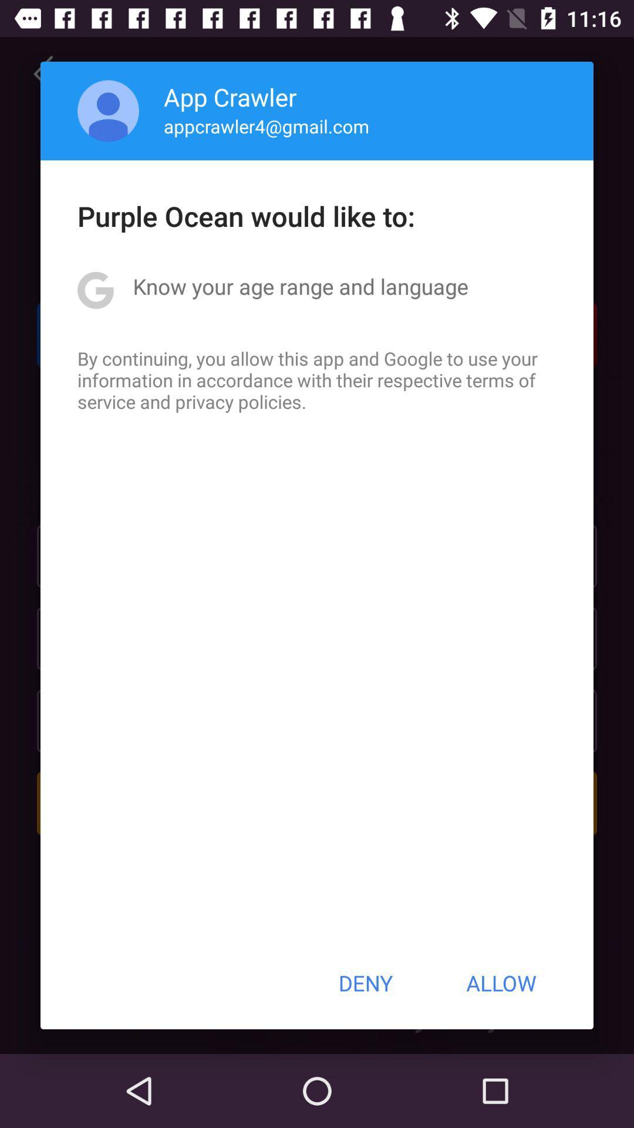 This screenshot has width=634, height=1128. I want to click on item below the by continuing you, so click(365, 983).